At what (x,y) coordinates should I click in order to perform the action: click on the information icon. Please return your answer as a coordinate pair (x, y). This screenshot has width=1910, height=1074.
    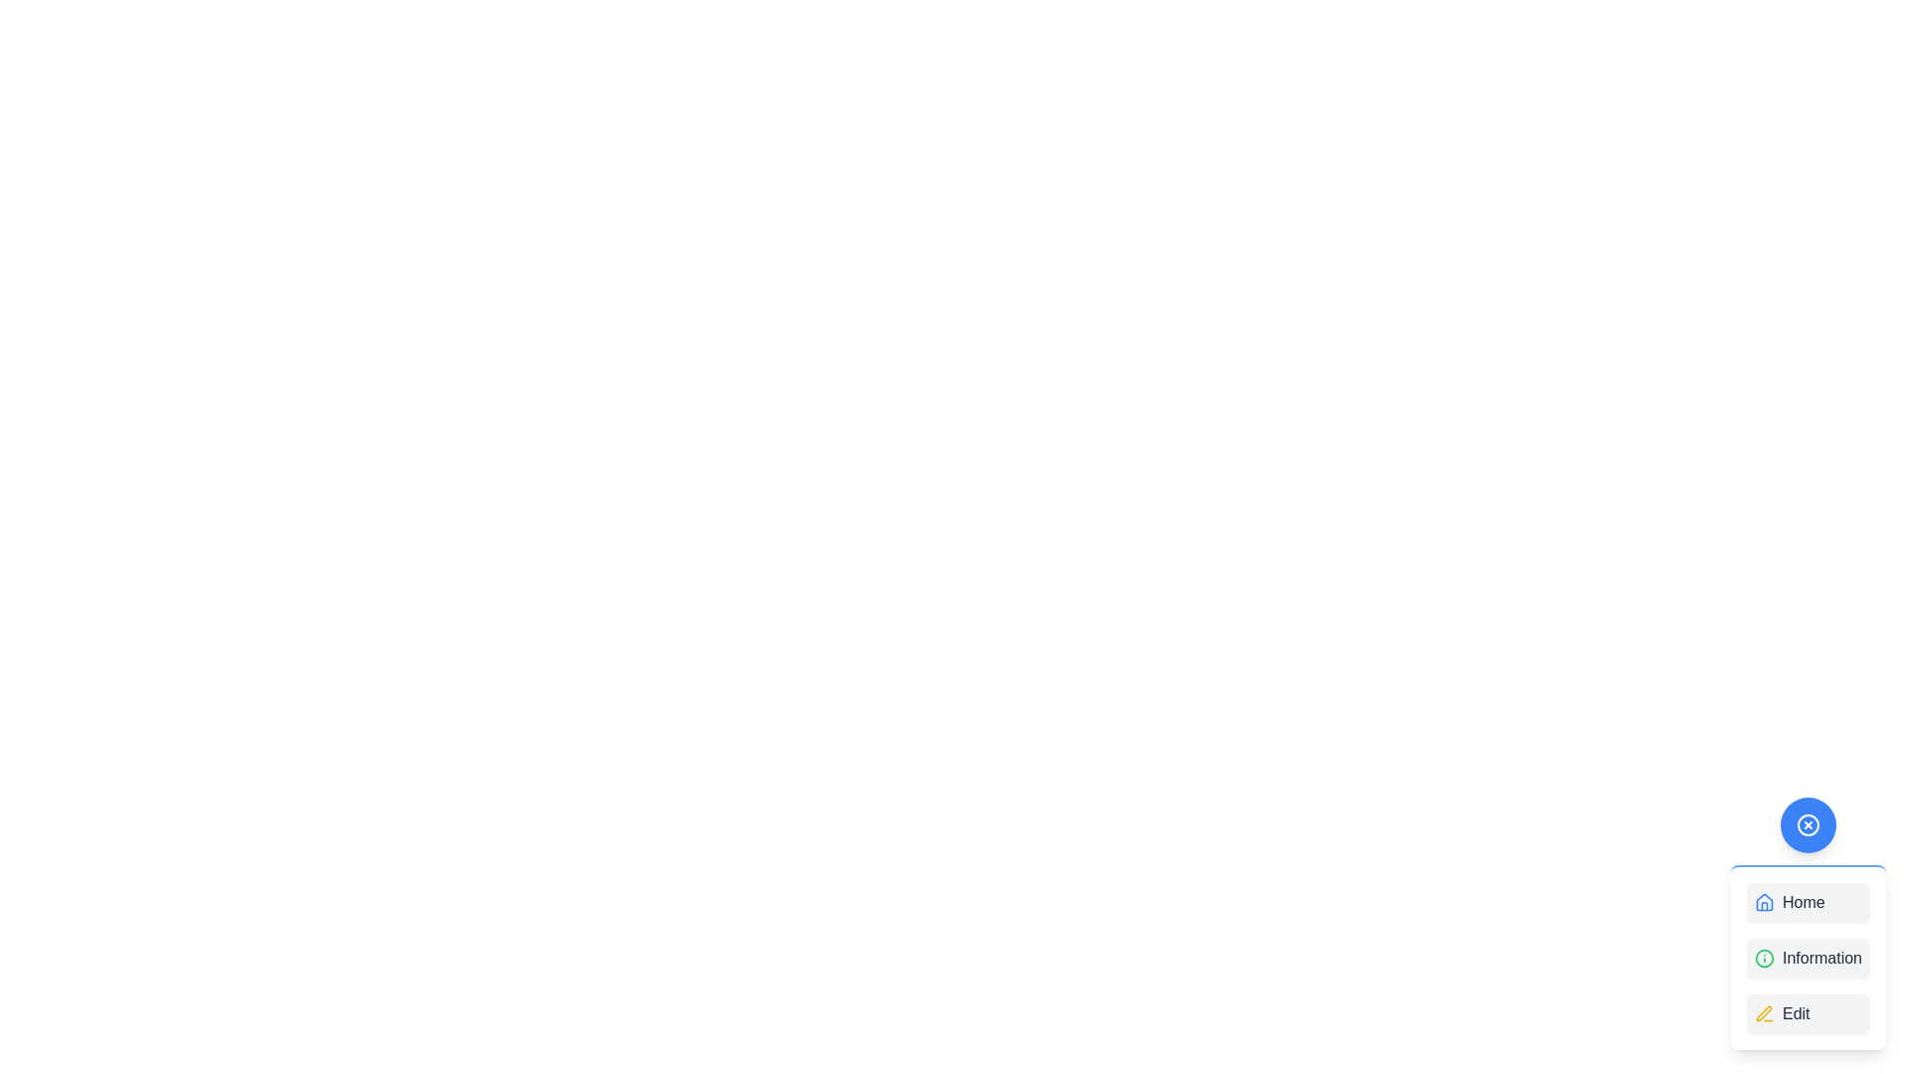
    Looking at the image, I should click on (1764, 958).